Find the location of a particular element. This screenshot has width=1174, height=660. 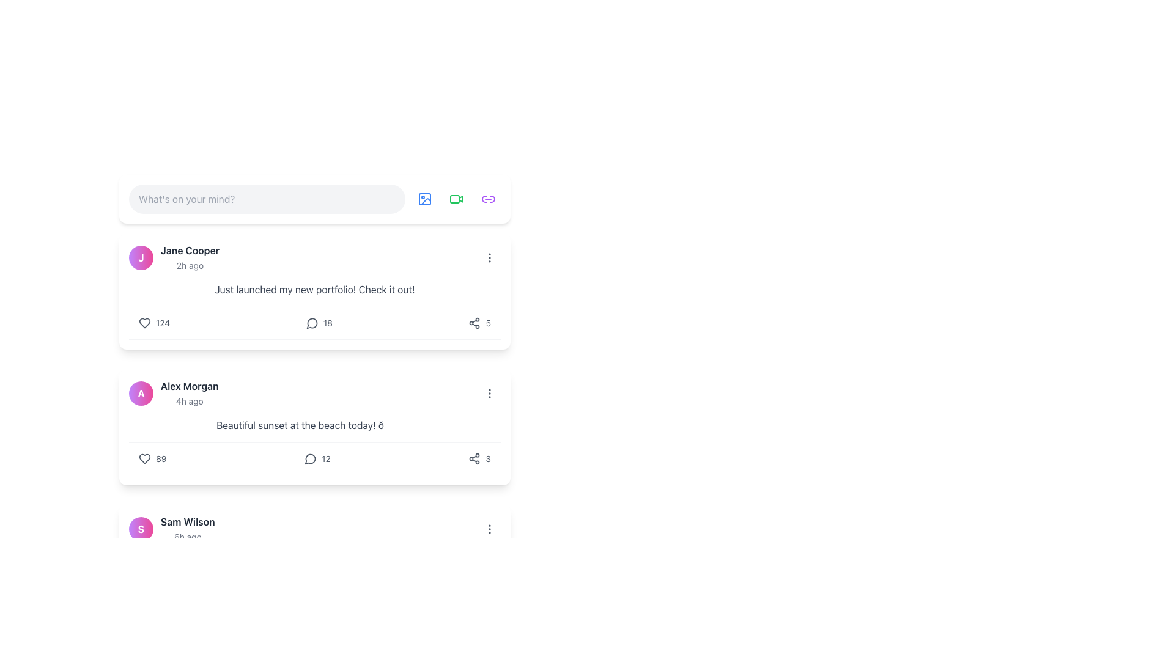

the text display element that shows the author's name (Jane Cooper) and the timestamp (2 hours ago) for the topmost post, located in the upper-left section of the post is located at coordinates (190, 257).